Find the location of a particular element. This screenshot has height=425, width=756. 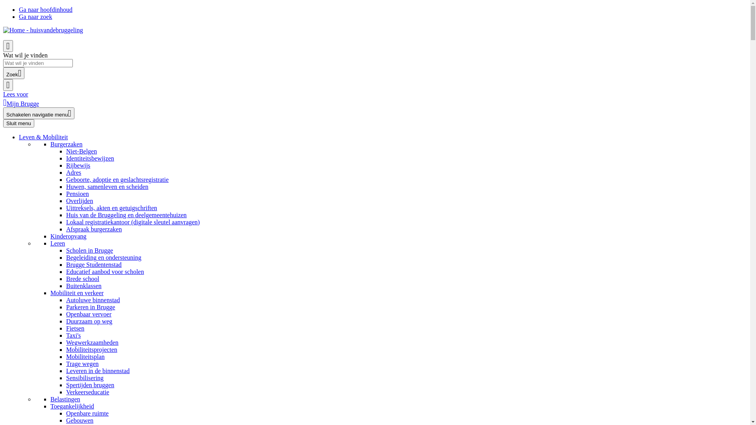

'Ga naar hoofdinhoud' is located at coordinates (45, 9).